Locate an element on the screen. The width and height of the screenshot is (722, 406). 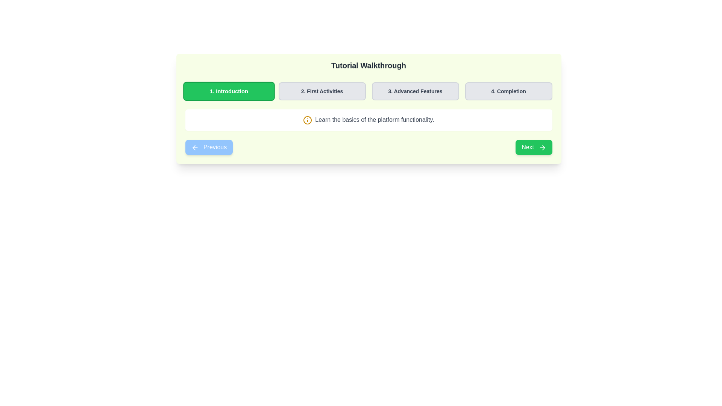
the active button labeled '1. Introduction' which has a green background and is prominently styled as the first button in the horizontal grid layout is located at coordinates (228, 91).